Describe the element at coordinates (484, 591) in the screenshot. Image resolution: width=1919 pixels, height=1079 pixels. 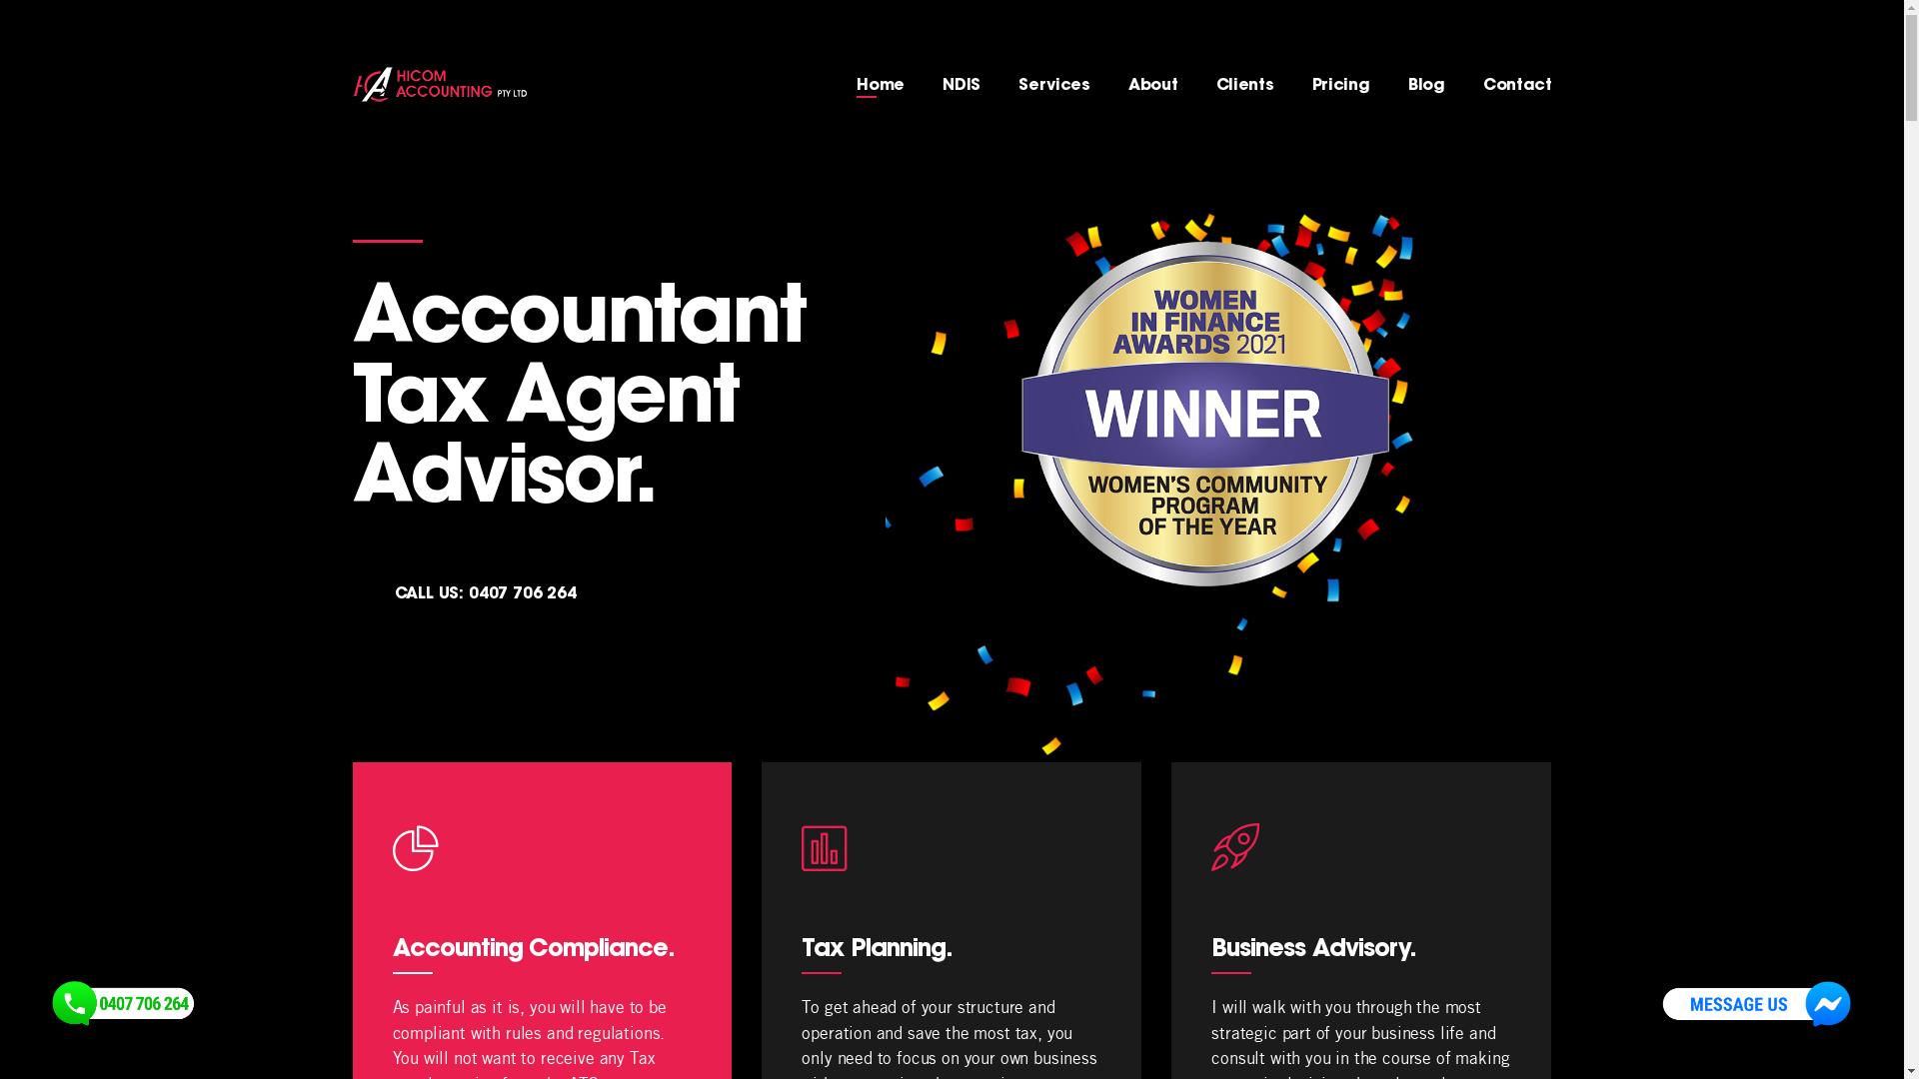
I see `'CALL US: 0407 706 264'` at that location.